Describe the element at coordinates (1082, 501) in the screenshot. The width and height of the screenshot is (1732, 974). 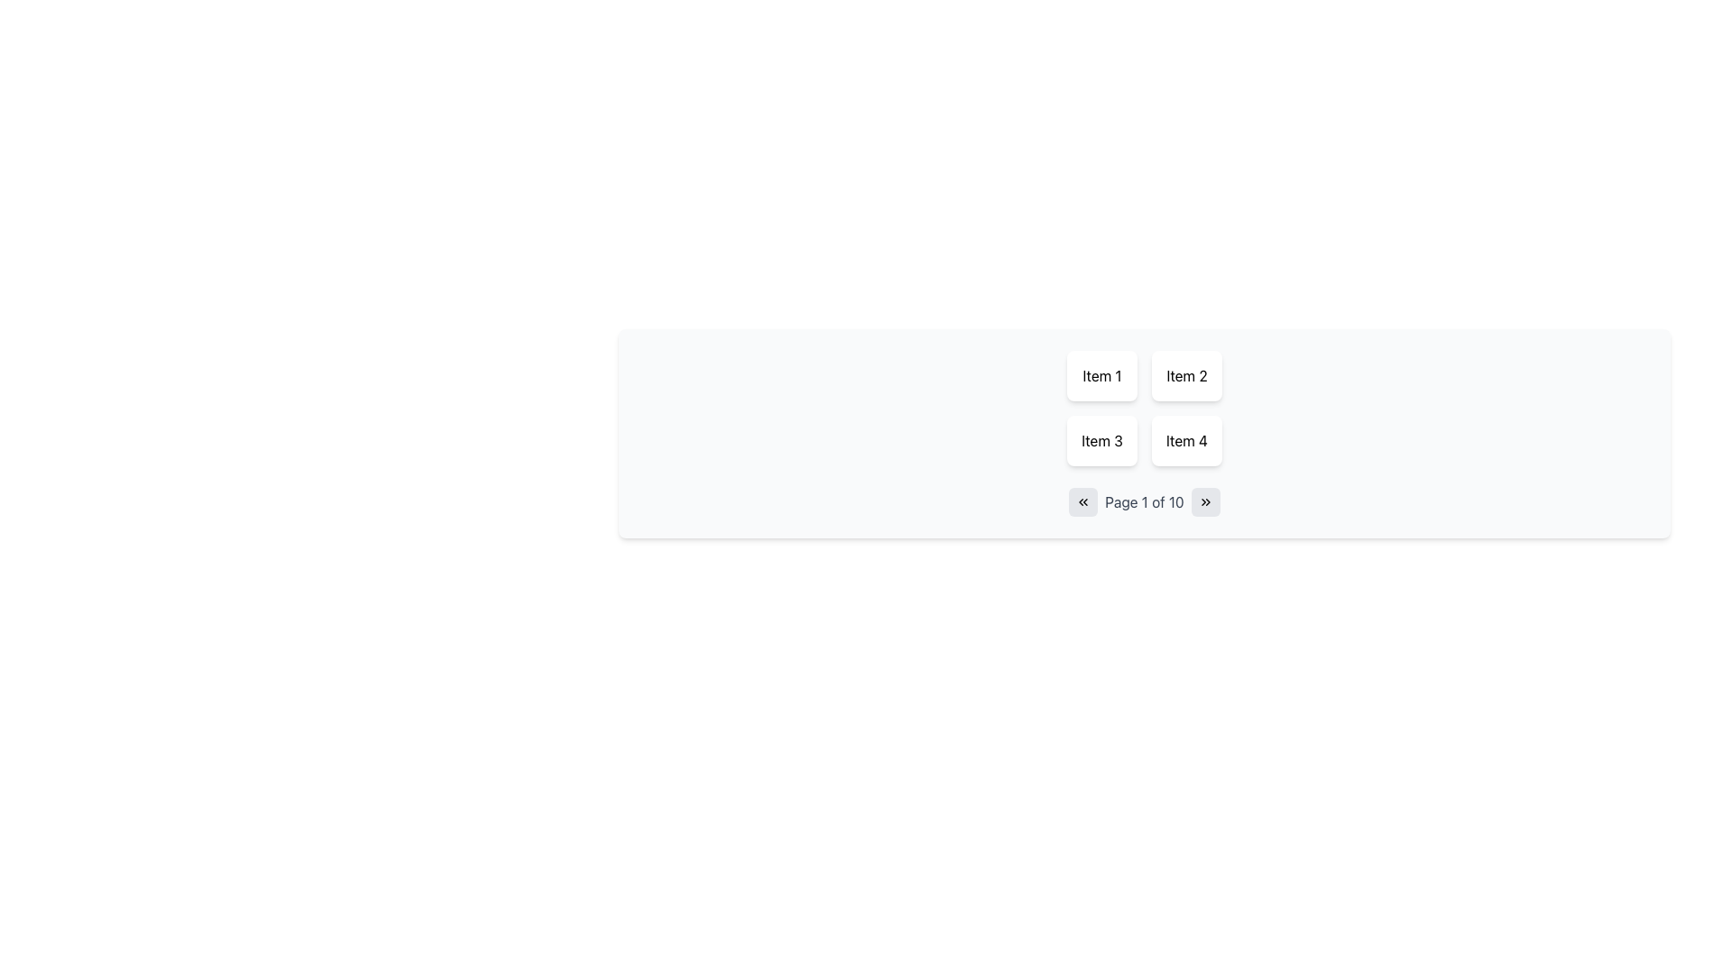
I see `the small rectangular button with rounded edges that has a light gray background and a black double-chevron left arrow icon for keyboard control` at that location.